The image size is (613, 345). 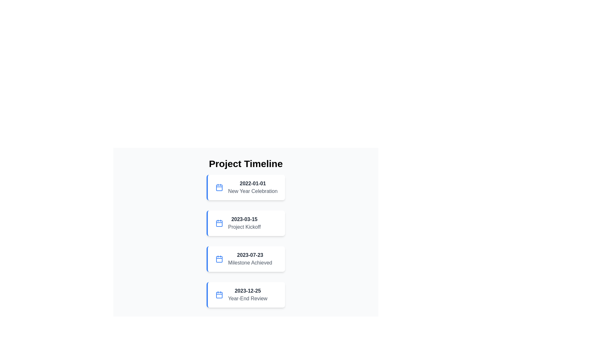 I want to click on the visual highlight element represented by a small rectangle with rounded corners located inside the third calendar icon of the 'Project Timeline' interface, so click(x=219, y=259).